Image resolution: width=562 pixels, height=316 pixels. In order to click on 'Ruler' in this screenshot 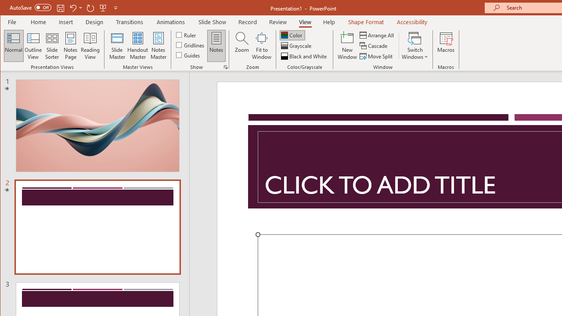, I will do `click(186, 34)`.